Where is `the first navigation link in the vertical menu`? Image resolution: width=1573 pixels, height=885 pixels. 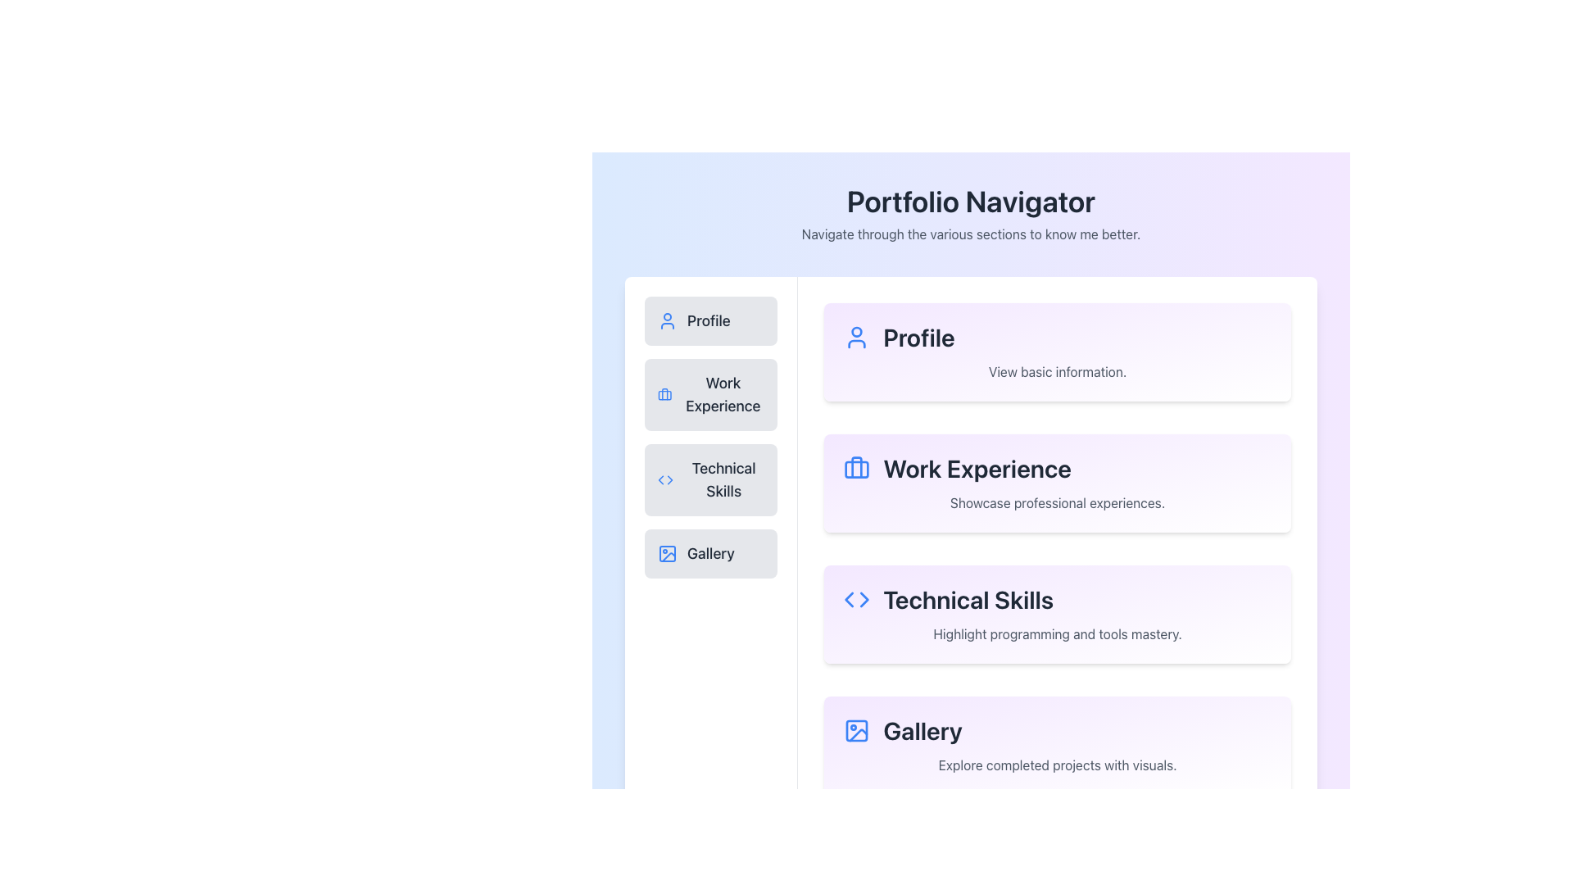
the first navigation link in the vertical menu is located at coordinates (711, 321).